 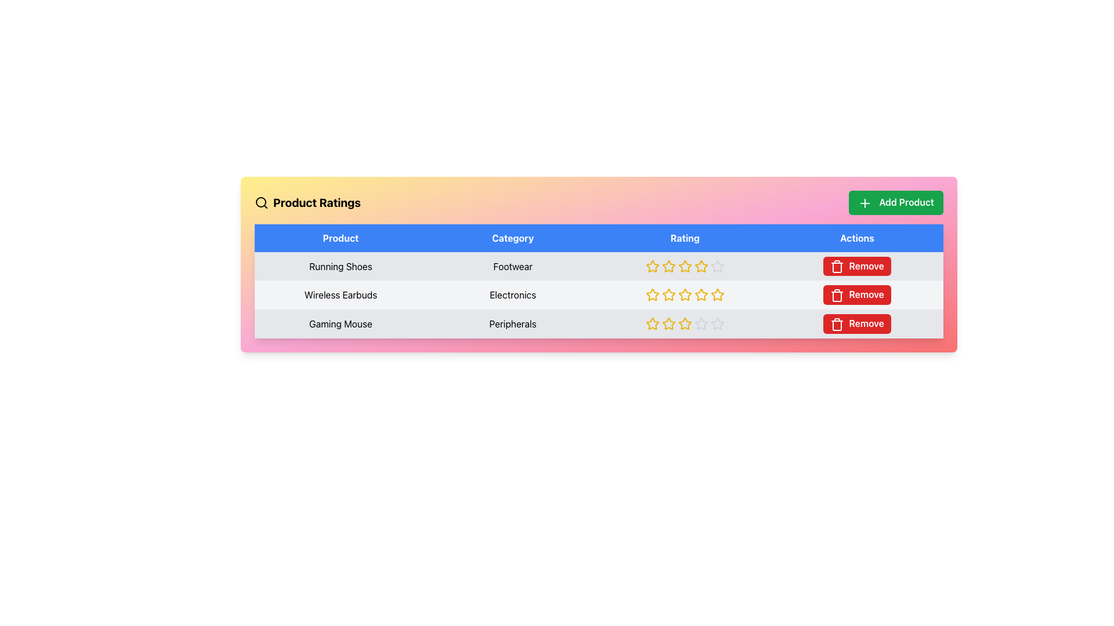 What do you see at coordinates (857, 294) in the screenshot?
I see `the third 'Remove' button in the 'Actions' column` at bounding box center [857, 294].